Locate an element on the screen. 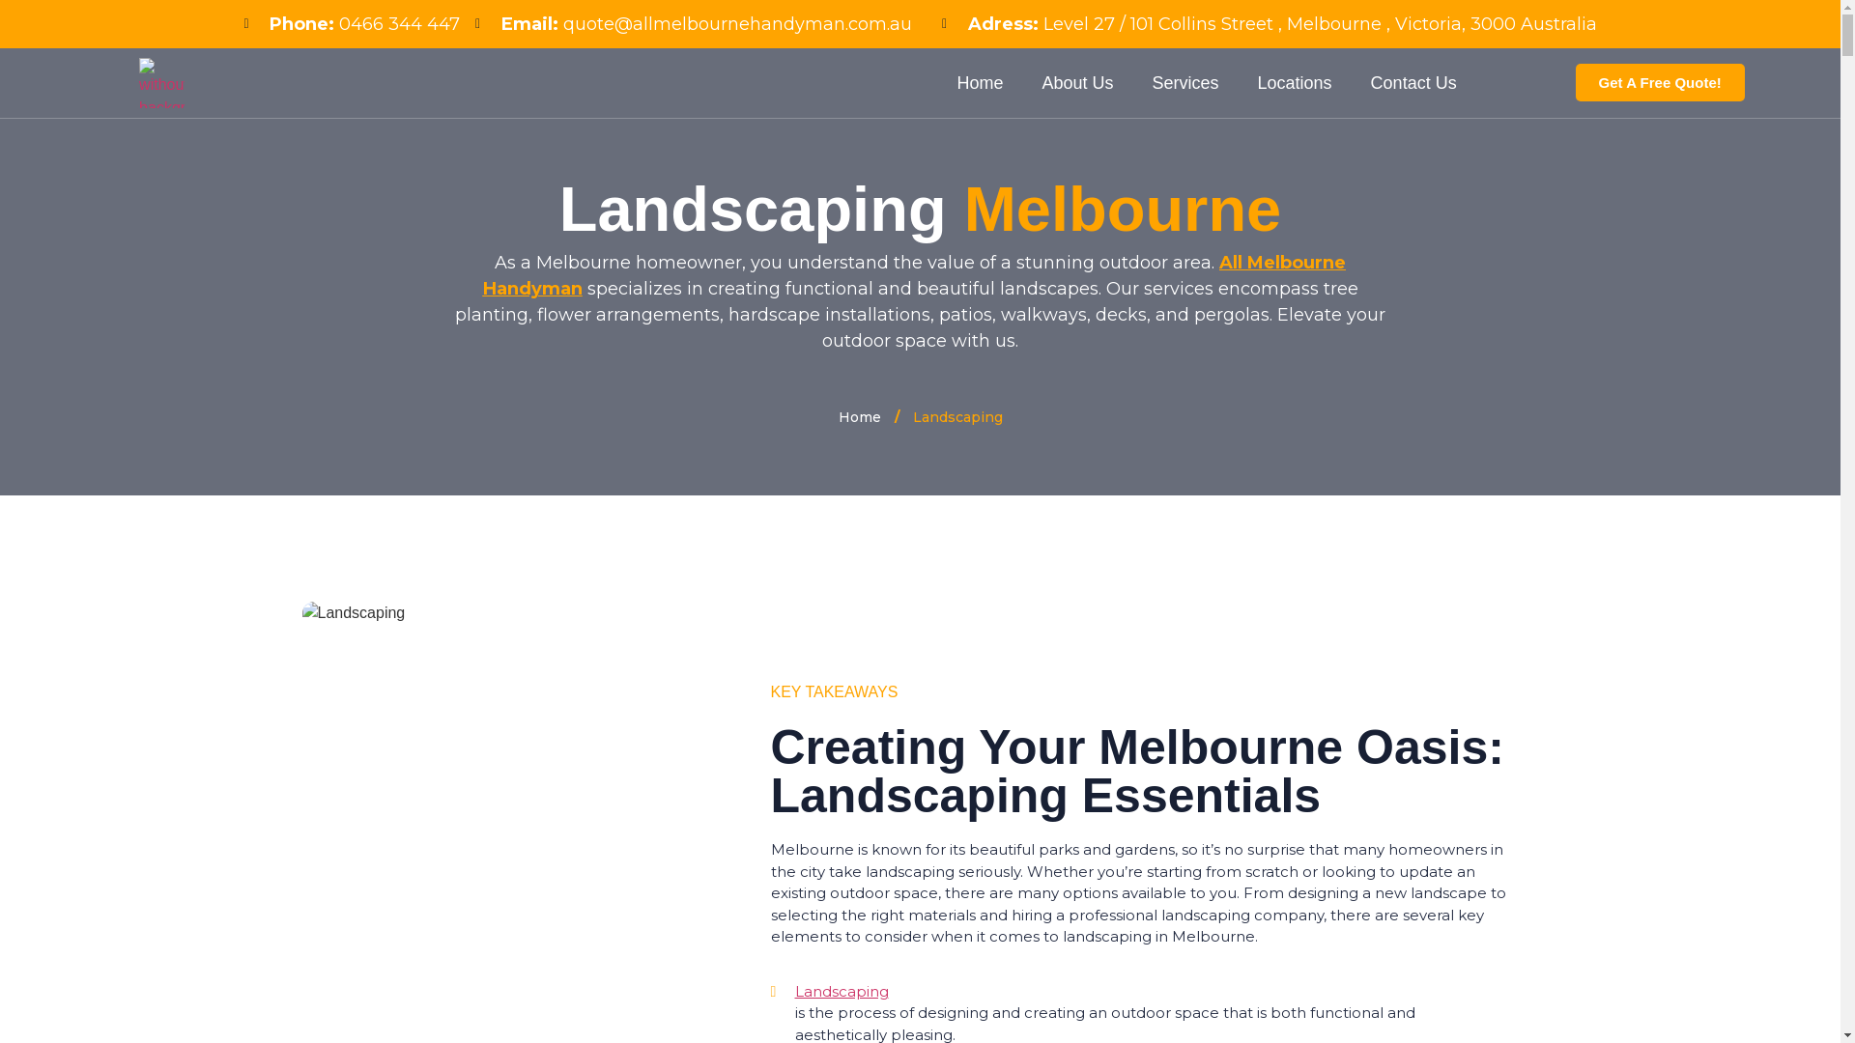 The image size is (1855, 1043). 'Email: quote@allmelbournehandyman.com.au' is located at coordinates (694, 24).